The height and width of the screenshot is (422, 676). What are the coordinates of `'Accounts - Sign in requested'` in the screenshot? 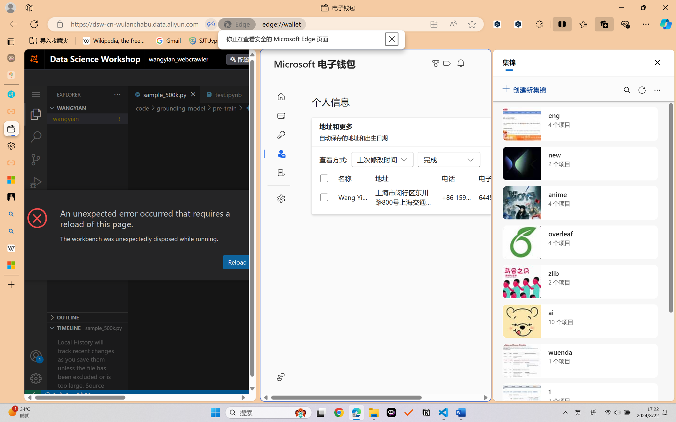 It's located at (35, 356).